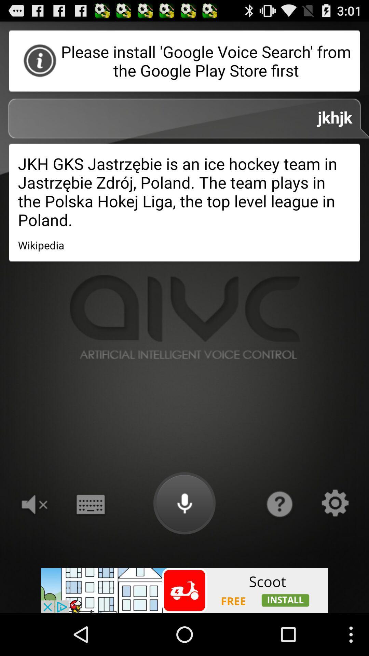  I want to click on the date_range icon, so click(90, 538).